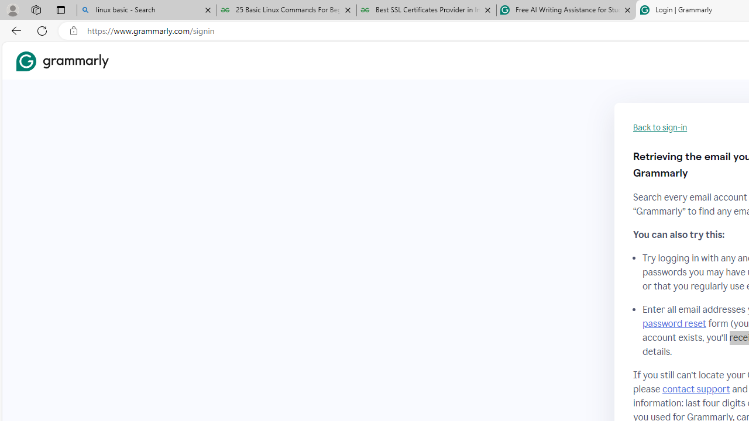 This screenshot has height=421, width=749. What do you see at coordinates (146, 10) in the screenshot?
I see `'linux basic - Search'` at bounding box center [146, 10].